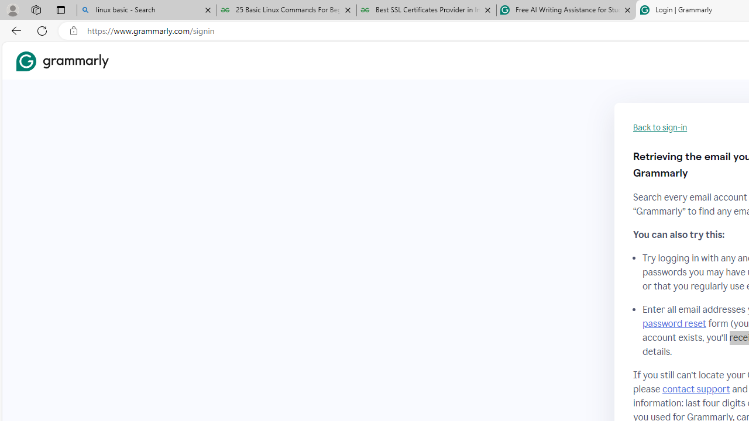 This screenshot has height=421, width=749. What do you see at coordinates (146, 10) in the screenshot?
I see `'linux basic - Search'` at bounding box center [146, 10].